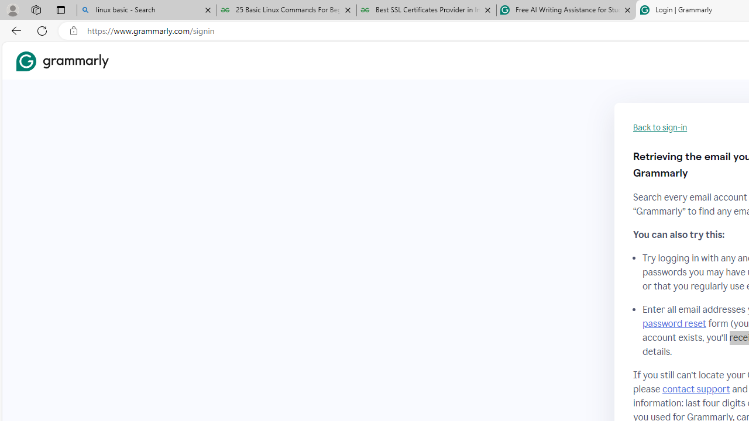 This screenshot has height=421, width=749. What do you see at coordinates (146, 10) in the screenshot?
I see `'linux basic - Search'` at bounding box center [146, 10].